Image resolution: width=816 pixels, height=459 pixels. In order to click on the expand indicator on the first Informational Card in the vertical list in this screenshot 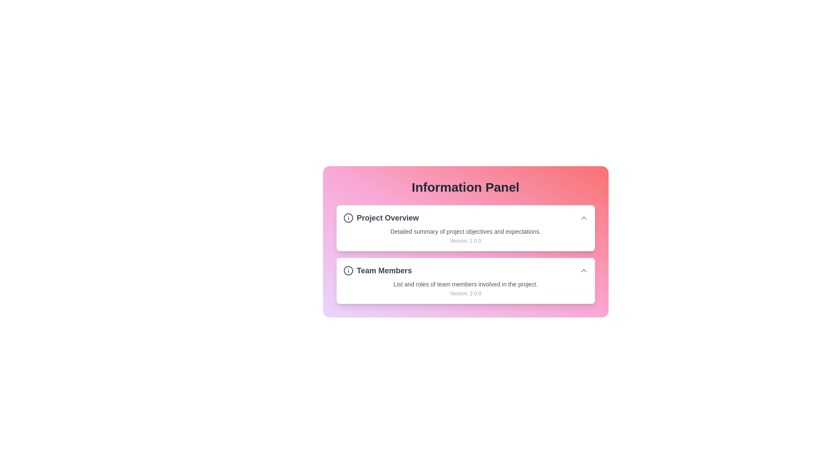, I will do `click(465, 227)`.